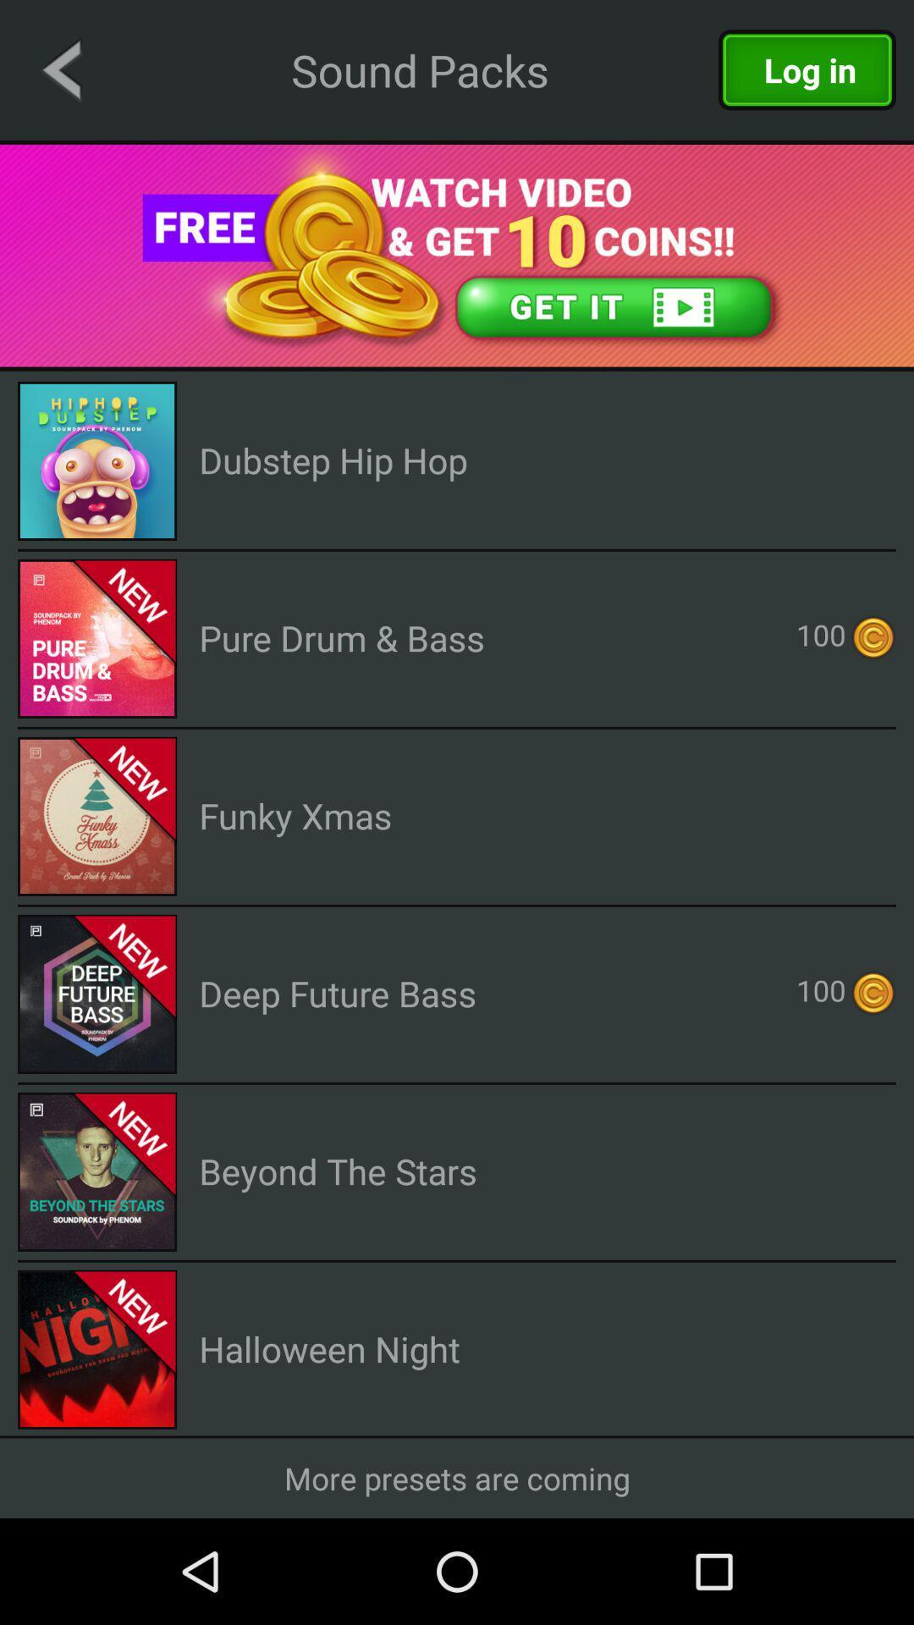 This screenshot has width=914, height=1625. I want to click on pure drum & bass app, so click(342, 636).